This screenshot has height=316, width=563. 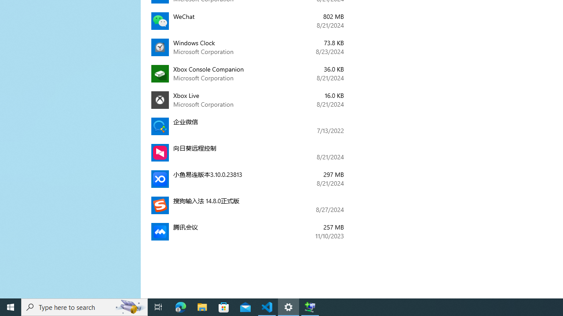 I want to click on 'Microsoft Store', so click(x=224, y=306).